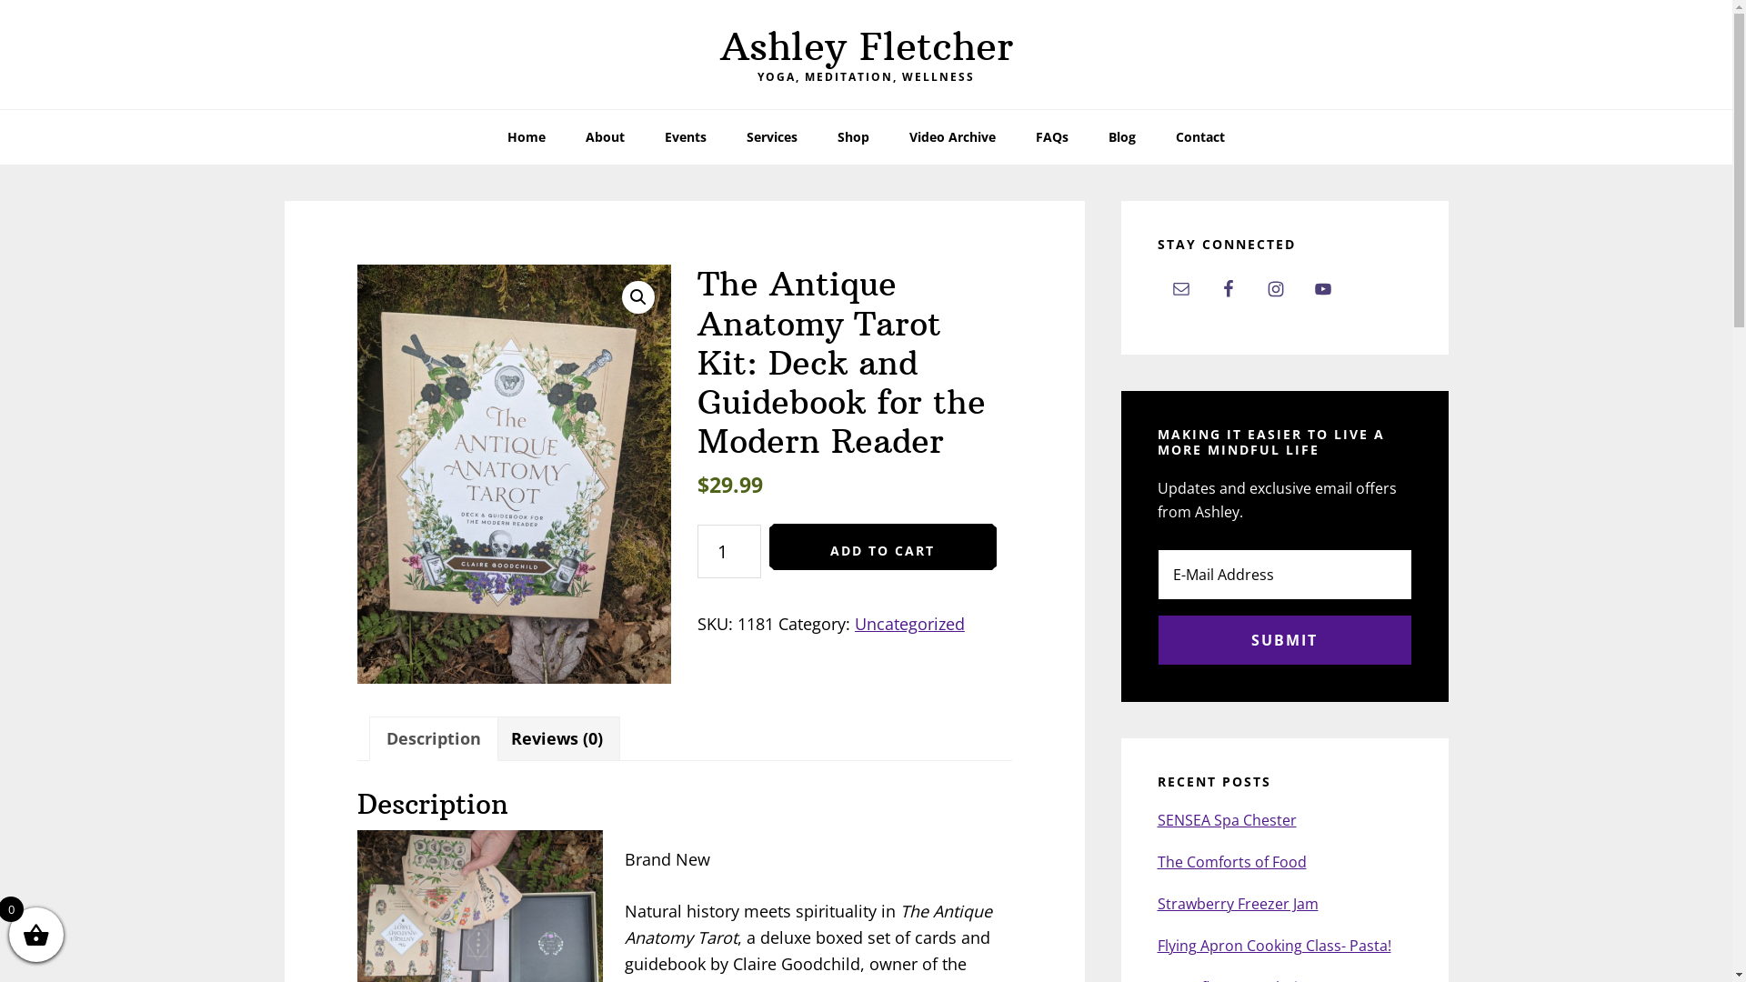 Image resolution: width=1746 pixels, height=982 pixels. What do you see at coordinates (0, 0) in the screenshot?
I see `'Skip to primary navigation'` at bounding box center [0, 0].